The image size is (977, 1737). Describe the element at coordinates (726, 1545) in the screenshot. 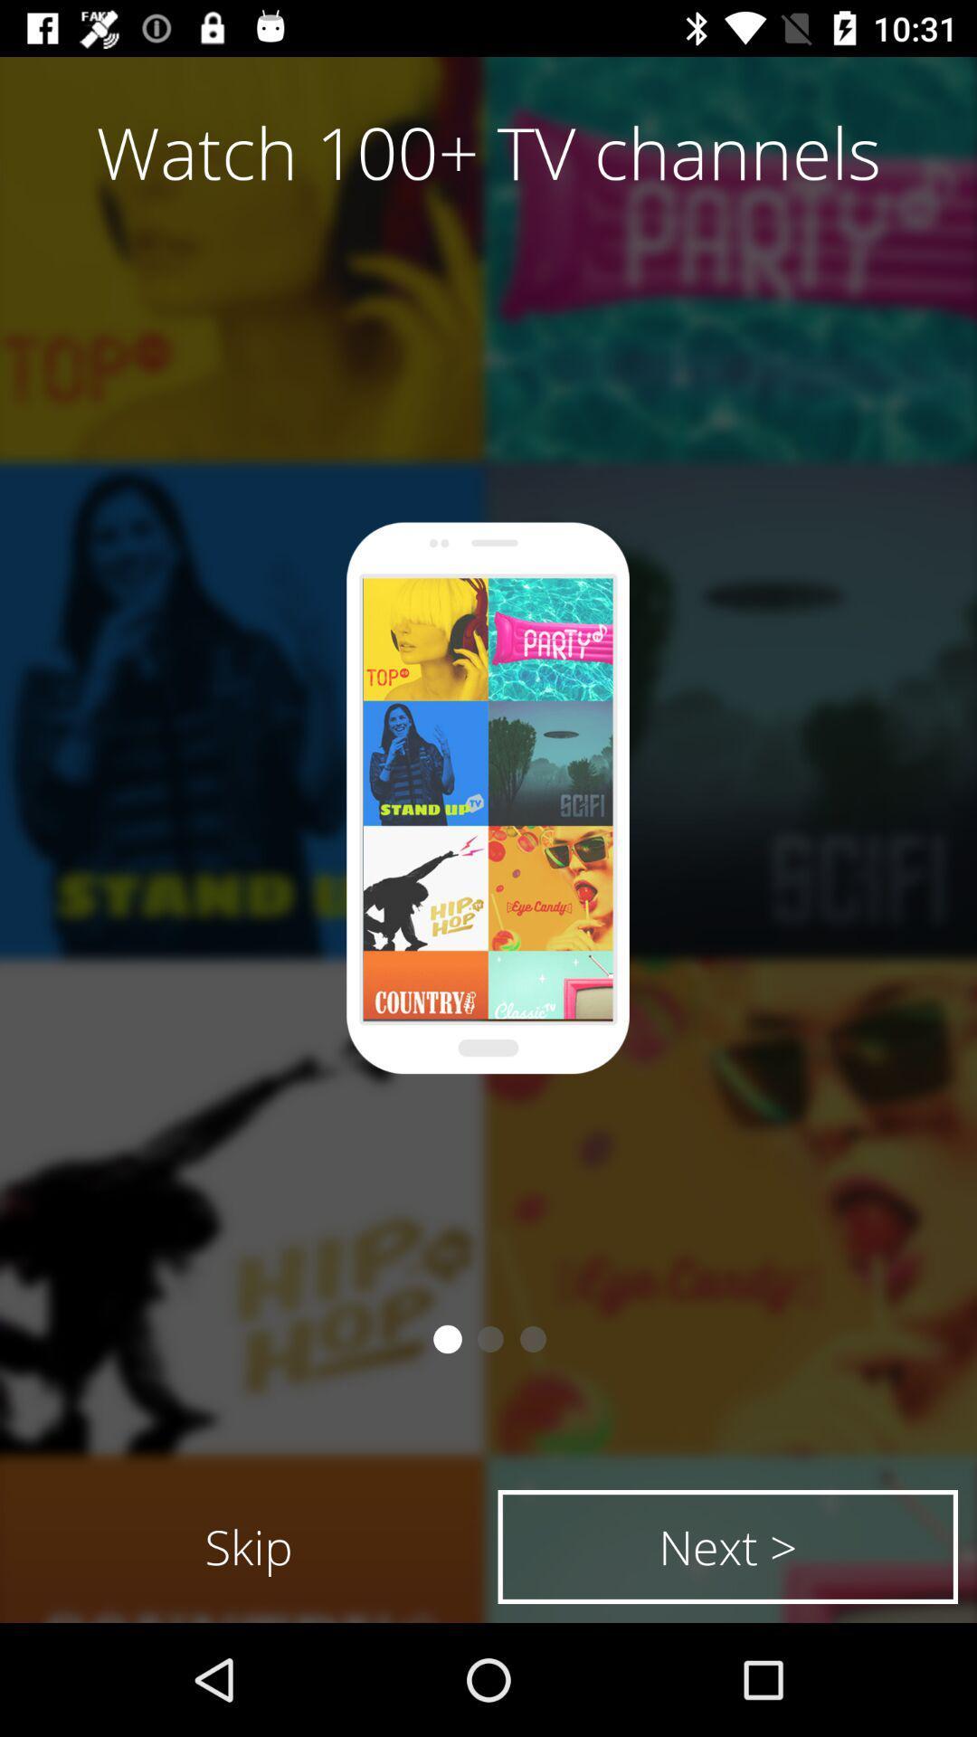

I see `the next > item` at that location.